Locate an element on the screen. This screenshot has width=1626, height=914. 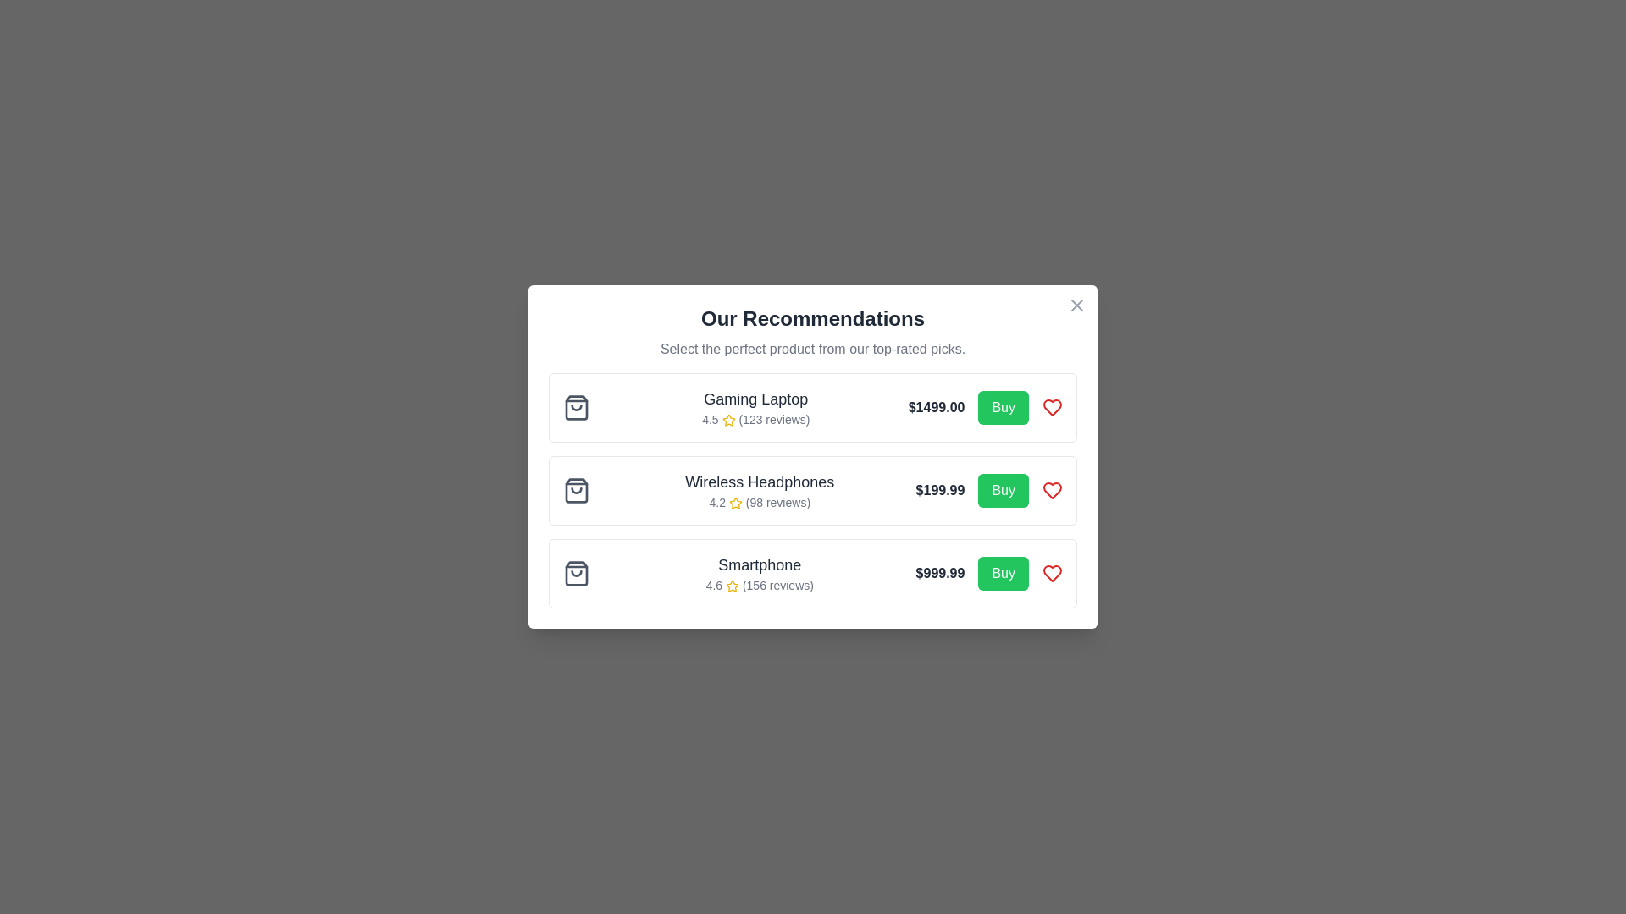
the heart icon located to the right side of the first item in the recommendation list, which is aligned beside the 'Buy' button is located at coordinates (1052, 408).